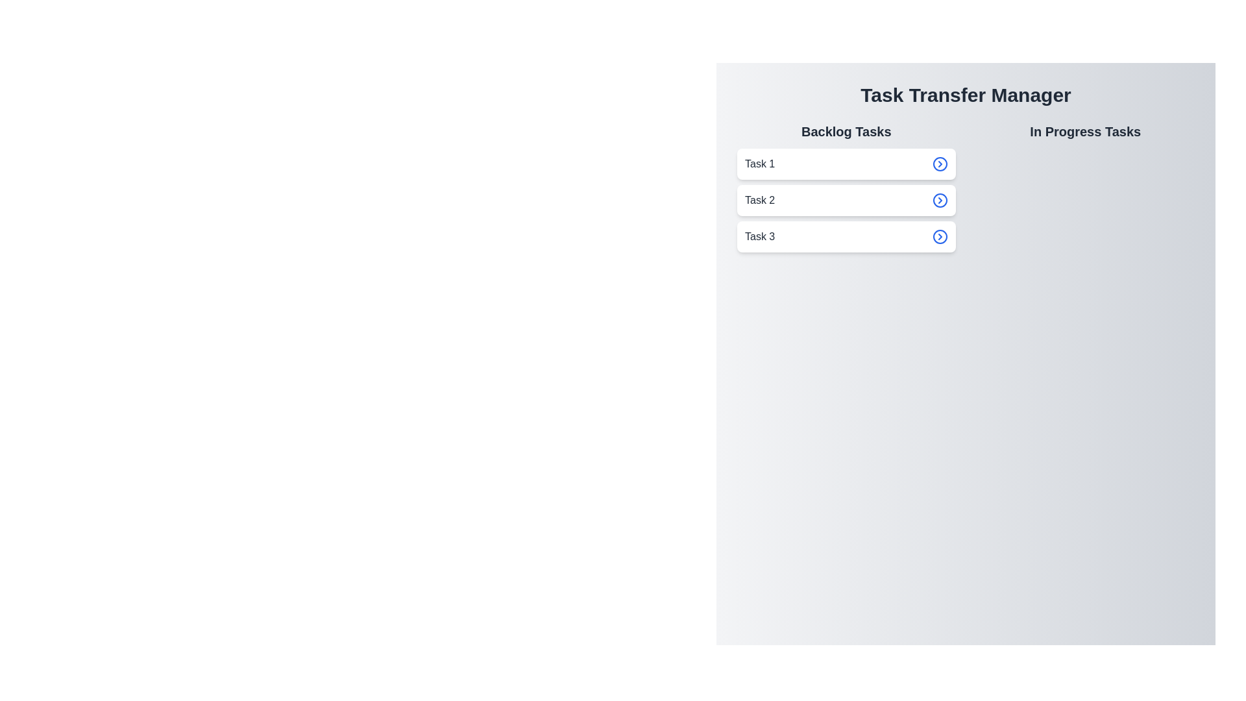  Describe the element at coordinates (940, 237) in the screenshot. I see `the chevron icon next to the task Task 3 to move it to In Progress` at that location.